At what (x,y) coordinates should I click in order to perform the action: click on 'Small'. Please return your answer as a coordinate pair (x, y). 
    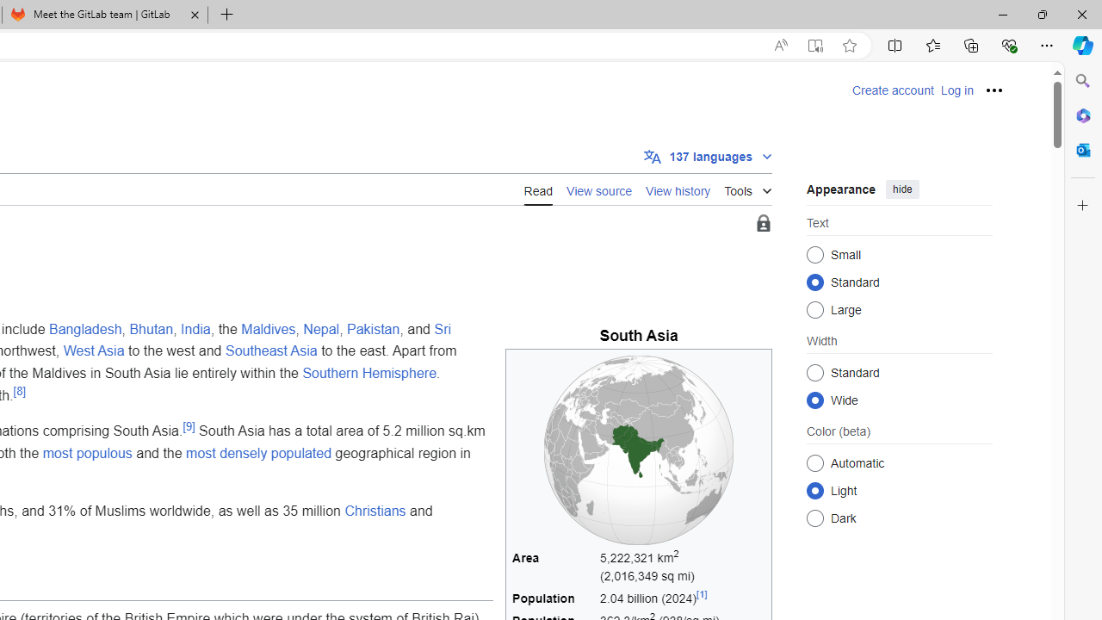
    Looking at the image, I should click on (814, 254).